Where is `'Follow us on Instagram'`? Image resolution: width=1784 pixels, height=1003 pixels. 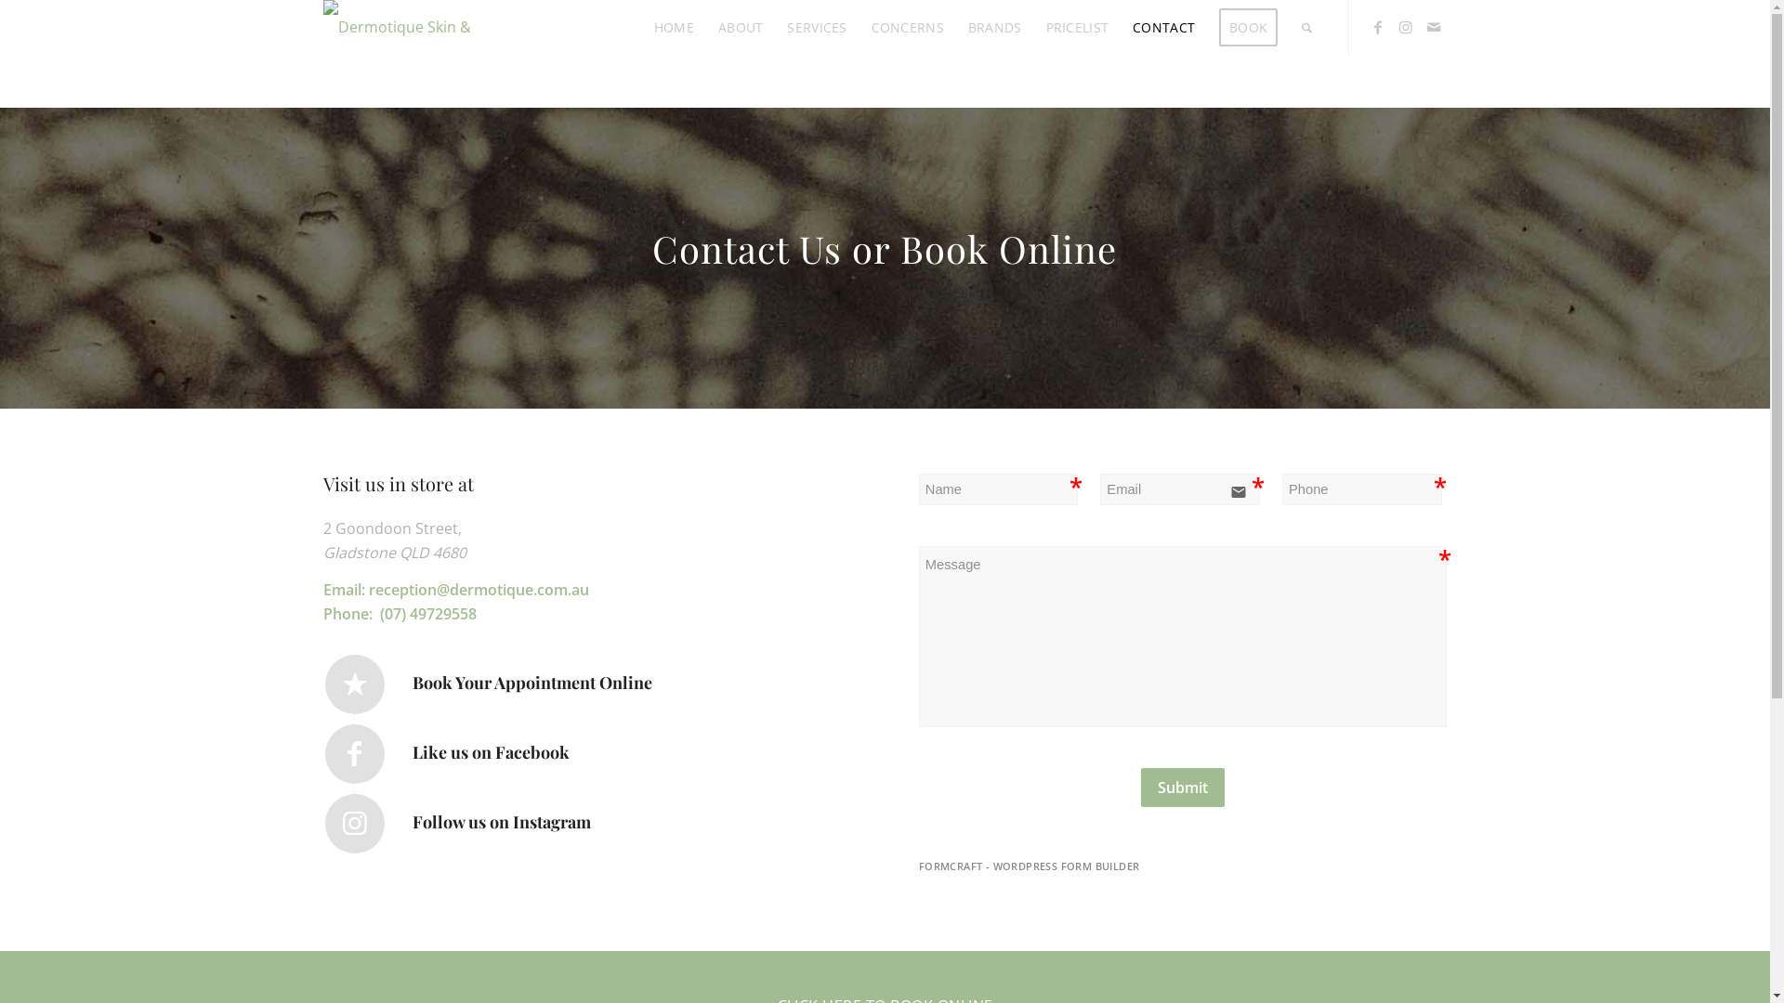 'Follow us on Instagram' is located at coordinates (355, 823).